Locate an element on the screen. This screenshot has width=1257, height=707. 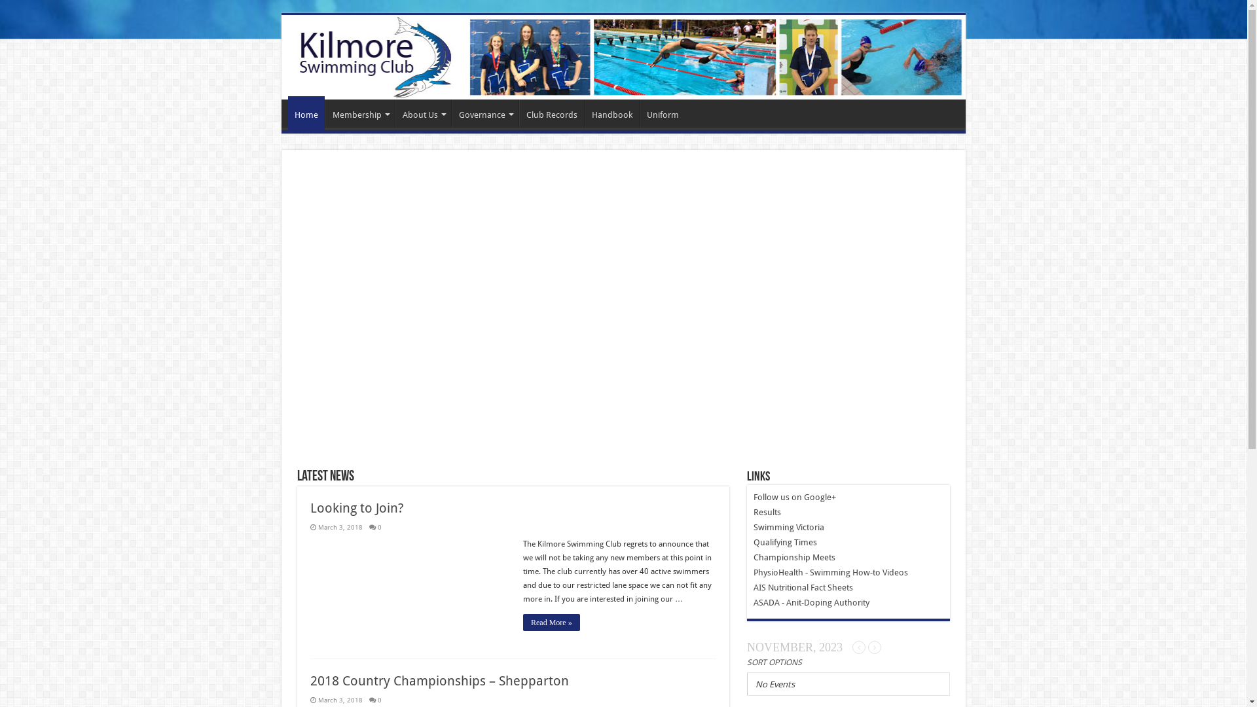
'About Us' is located at coordinates (423, 113).